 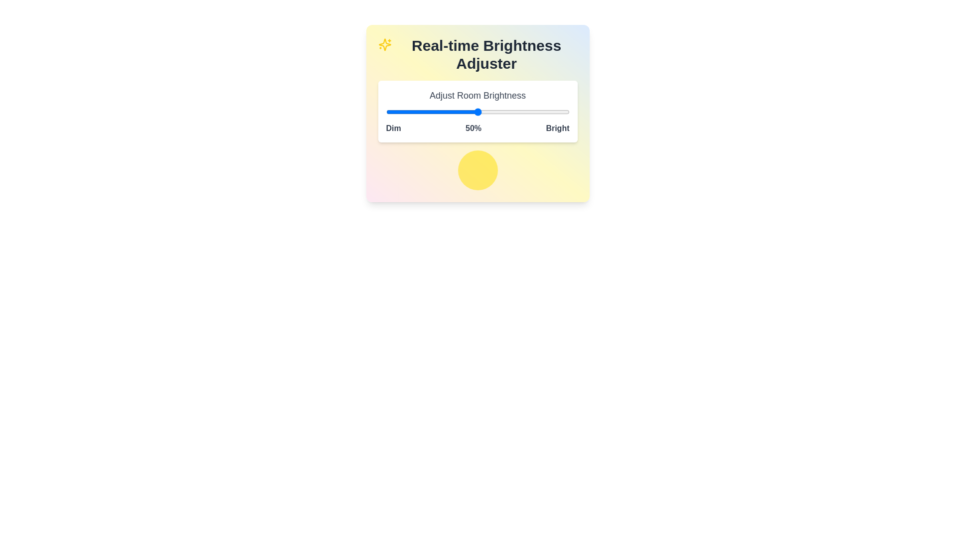 What do you see at coordinates (474, 112) in the screenshot?
I see `the brightness slider to set the brightness level to 48%` at bounding box center [474, 112].